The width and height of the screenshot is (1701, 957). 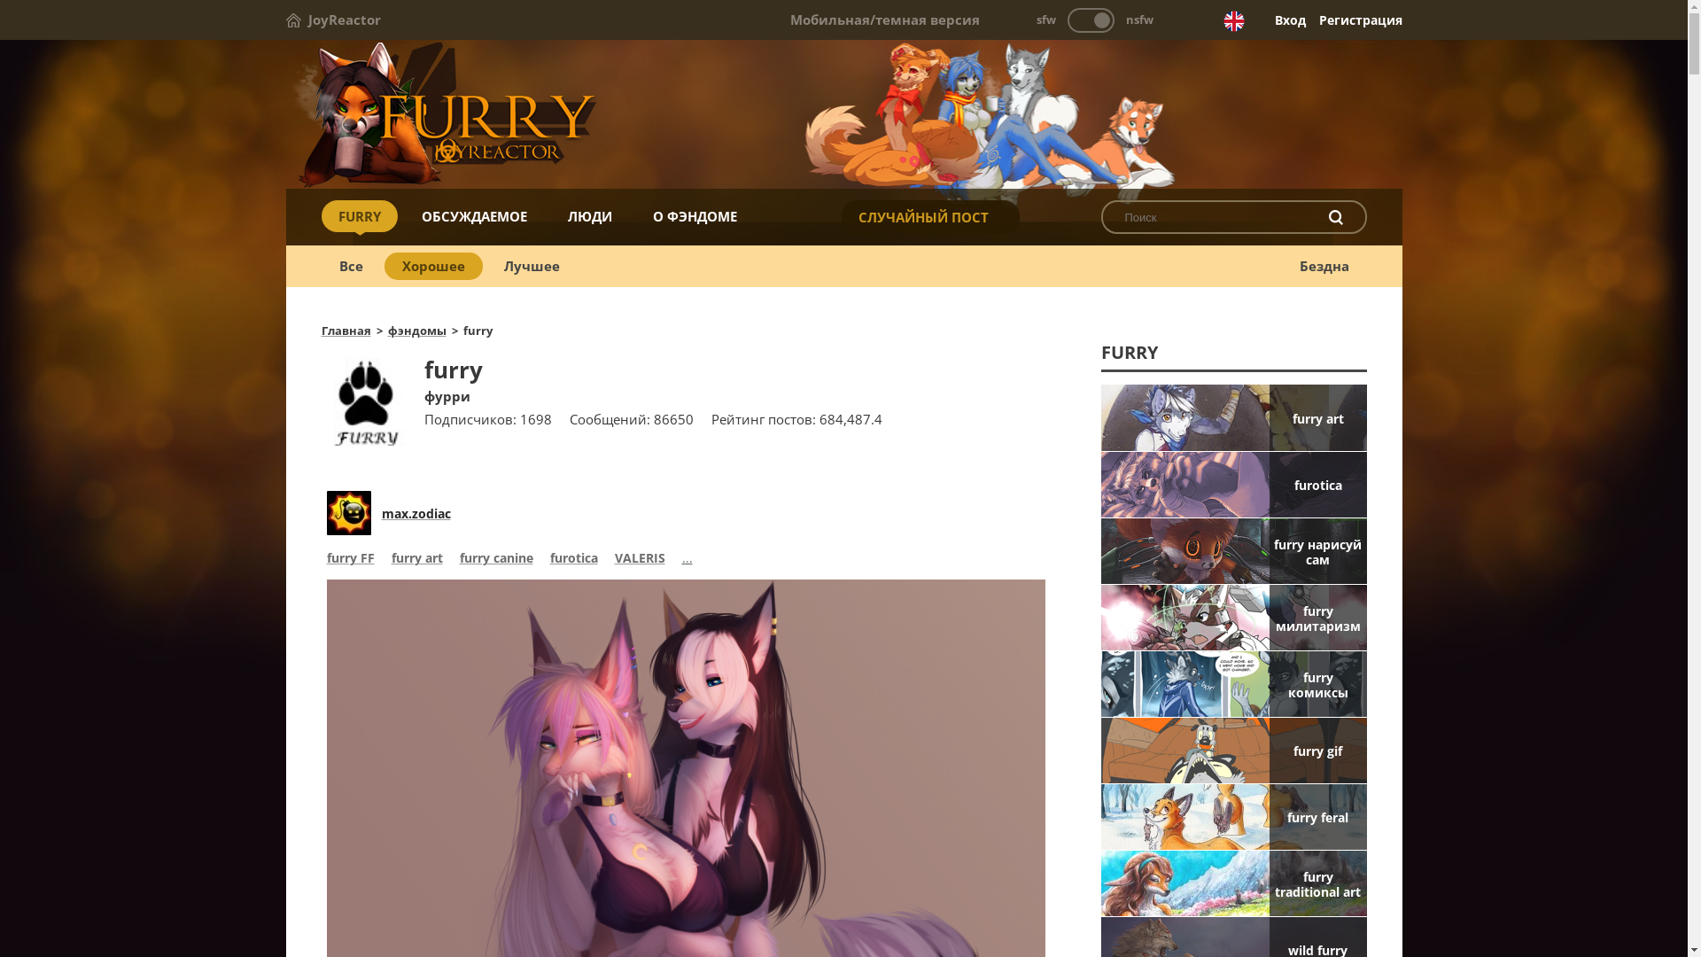 What do you see at coordinates (332, 19) in the screenshot?
I see `'JoyReactor'` at bounding box center [332, 19].